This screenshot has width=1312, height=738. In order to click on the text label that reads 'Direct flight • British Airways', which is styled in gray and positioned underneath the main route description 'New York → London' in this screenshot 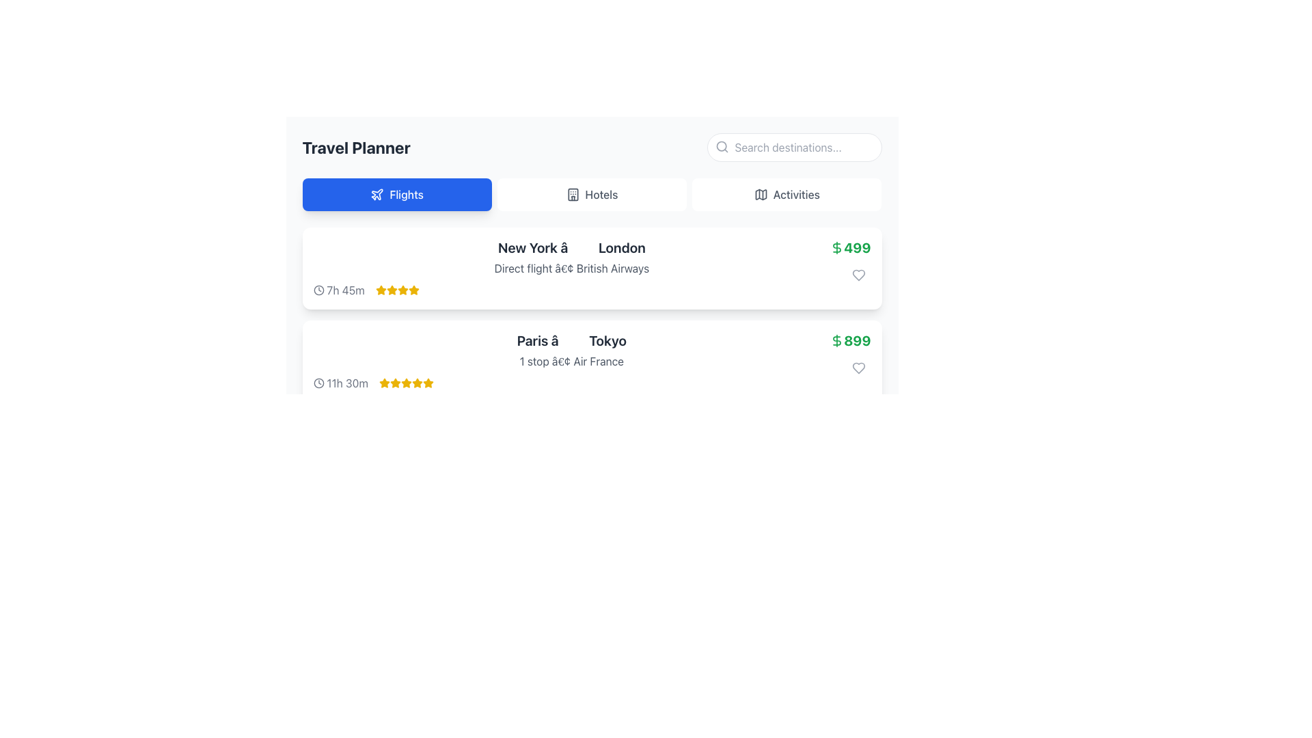, I will do `click(571, 269)`.